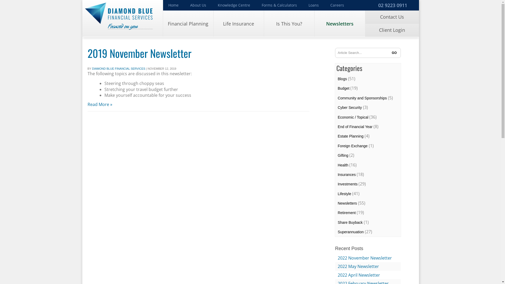 Image resolution: width=505 pixels, height=284 pixels. I want to click on 'Health', so click(343, 165).